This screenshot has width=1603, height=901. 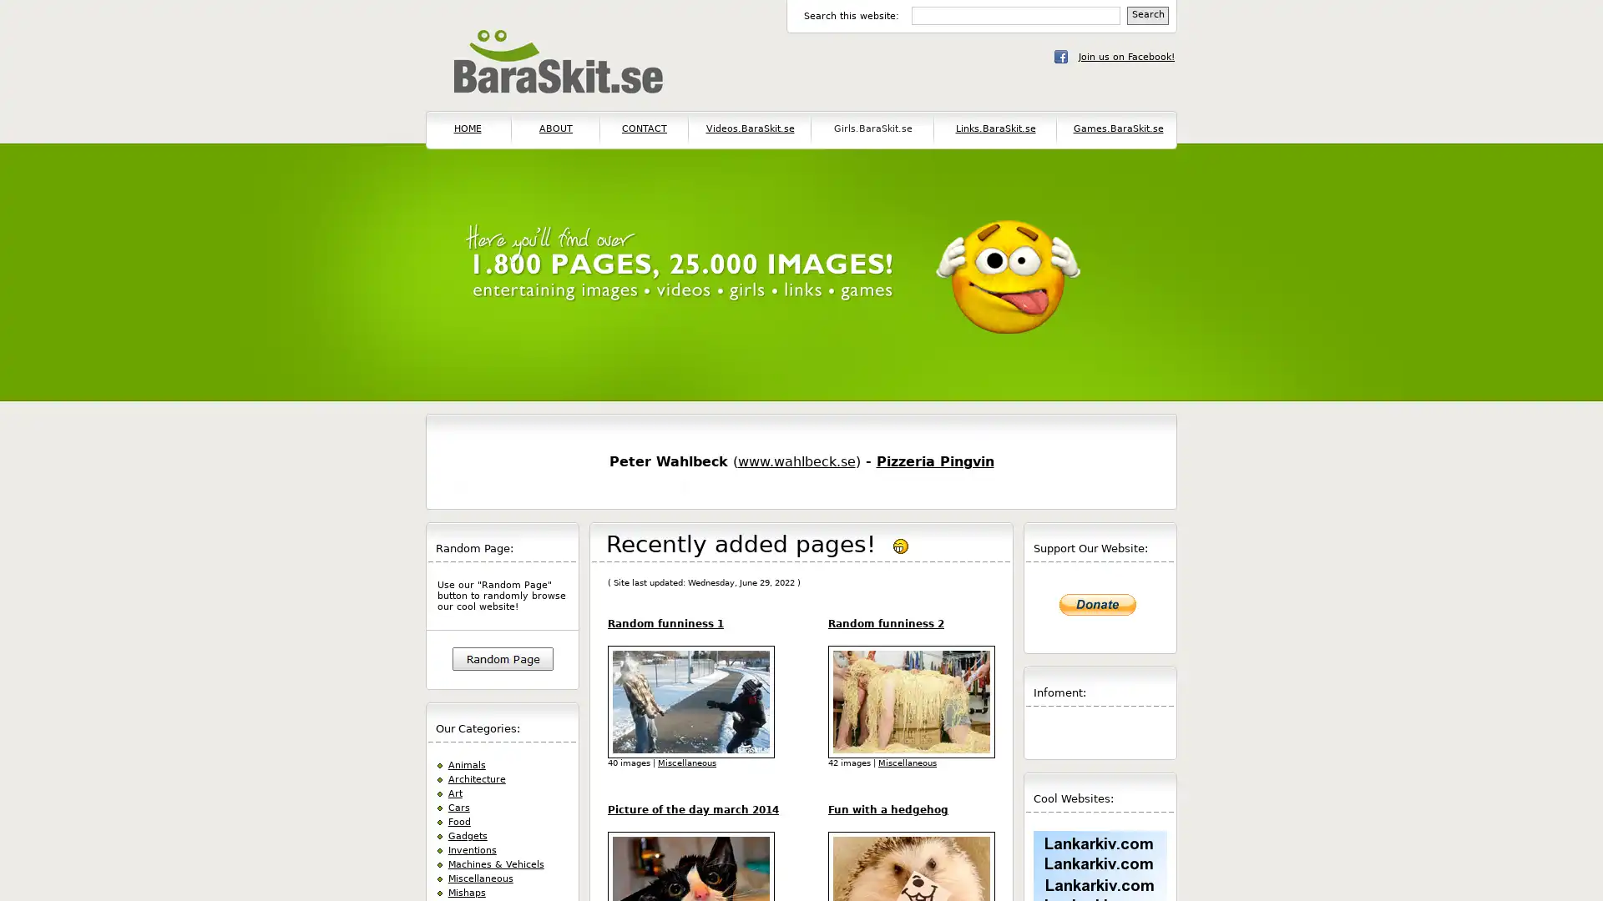 I want to click on PayPal - The safer, easier way to pay online., so click(x=1098, y=605).